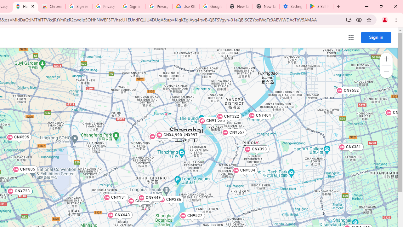  What do you see at coordinates (386, 71) in the screenshot?
I see `'Zoom out map'` at bounding box center [386, 71].